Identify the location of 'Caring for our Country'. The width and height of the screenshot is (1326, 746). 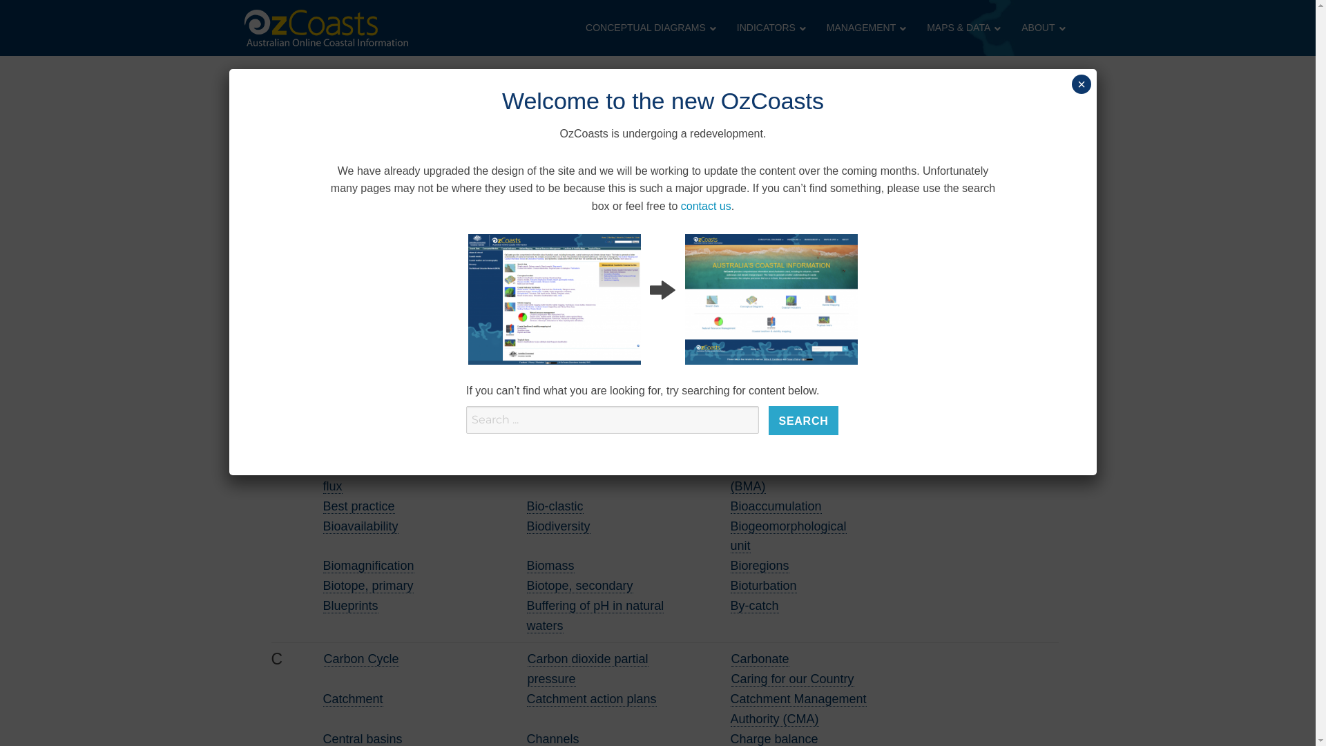
(792, 678).